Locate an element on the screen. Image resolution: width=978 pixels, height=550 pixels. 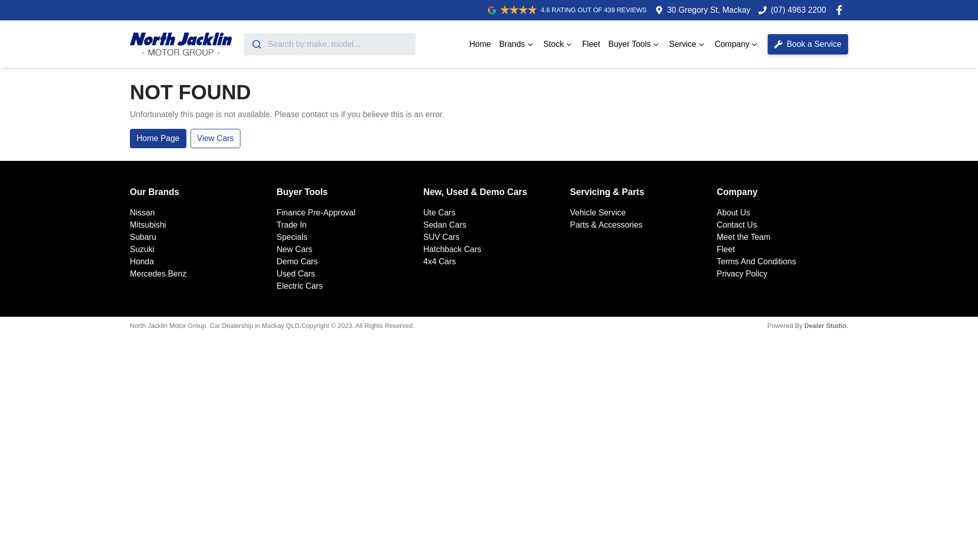
'New Cars' is located at coordinates (293, 249).